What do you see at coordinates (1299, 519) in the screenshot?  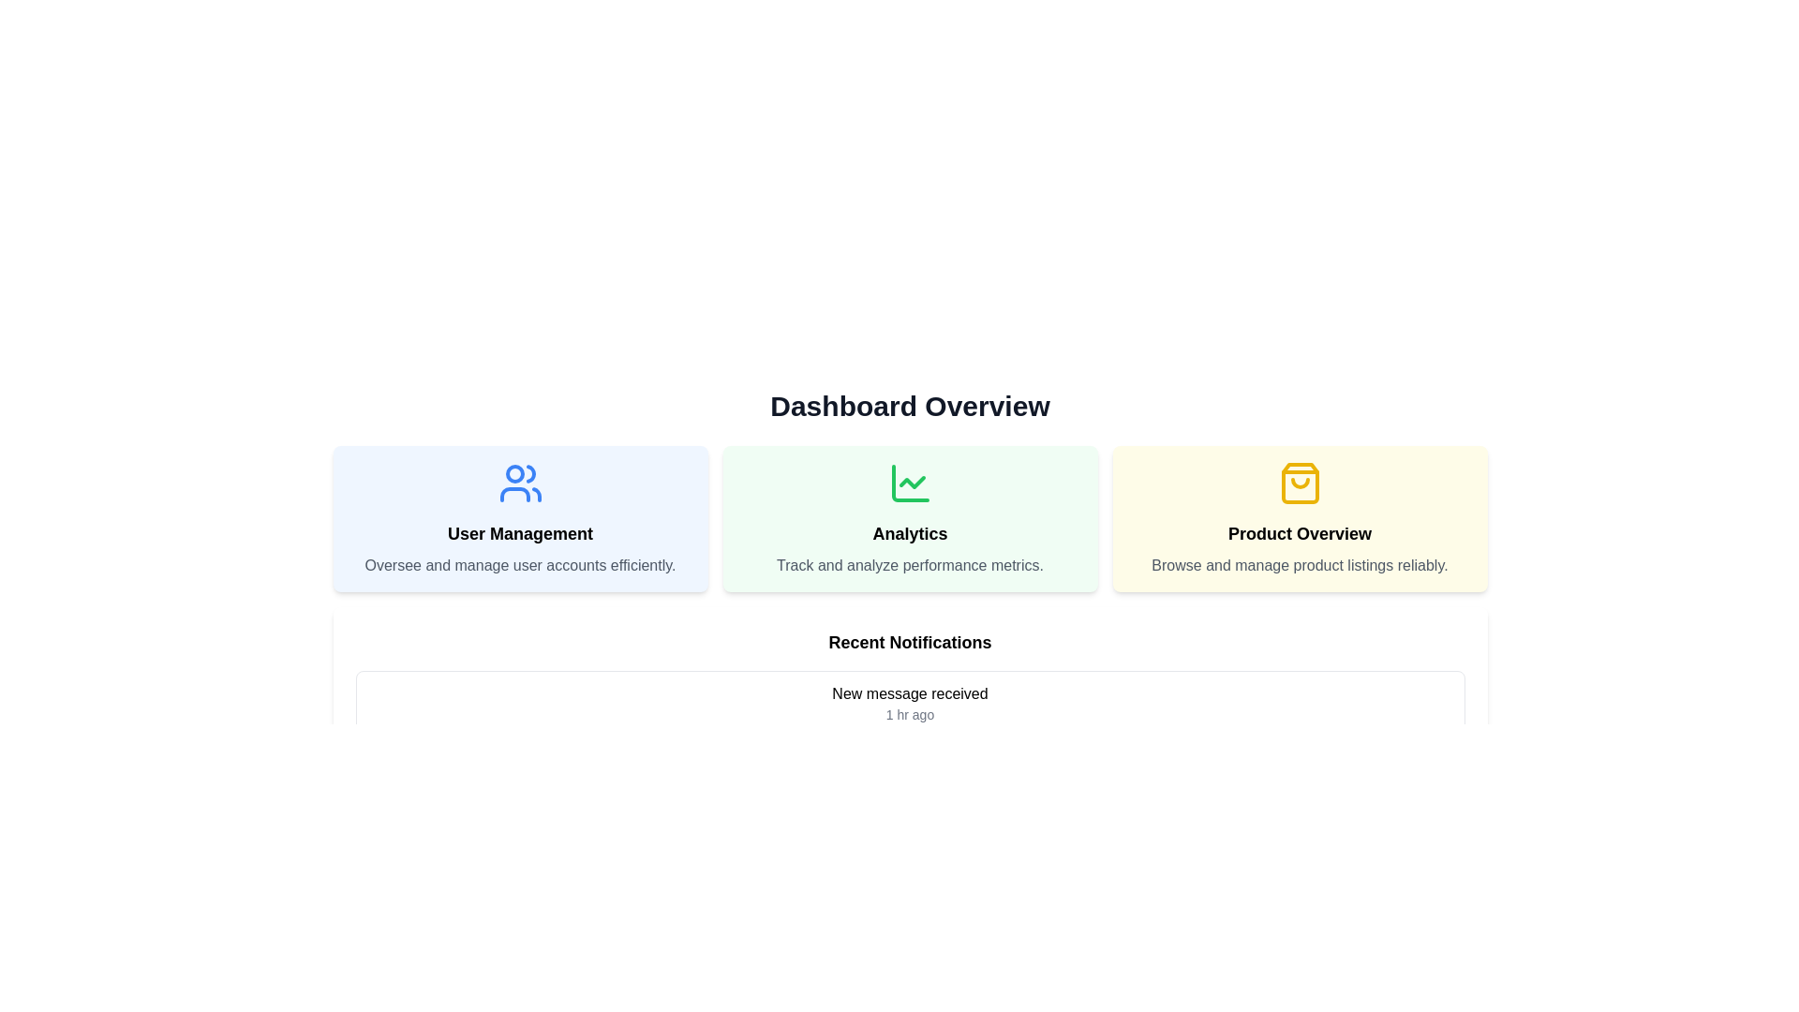 I see `the Informational card with a yellow background and a shopping bag icon, labeled 'Product Overview', positioned in the rightmost column` at bounding box center [1299, 519].